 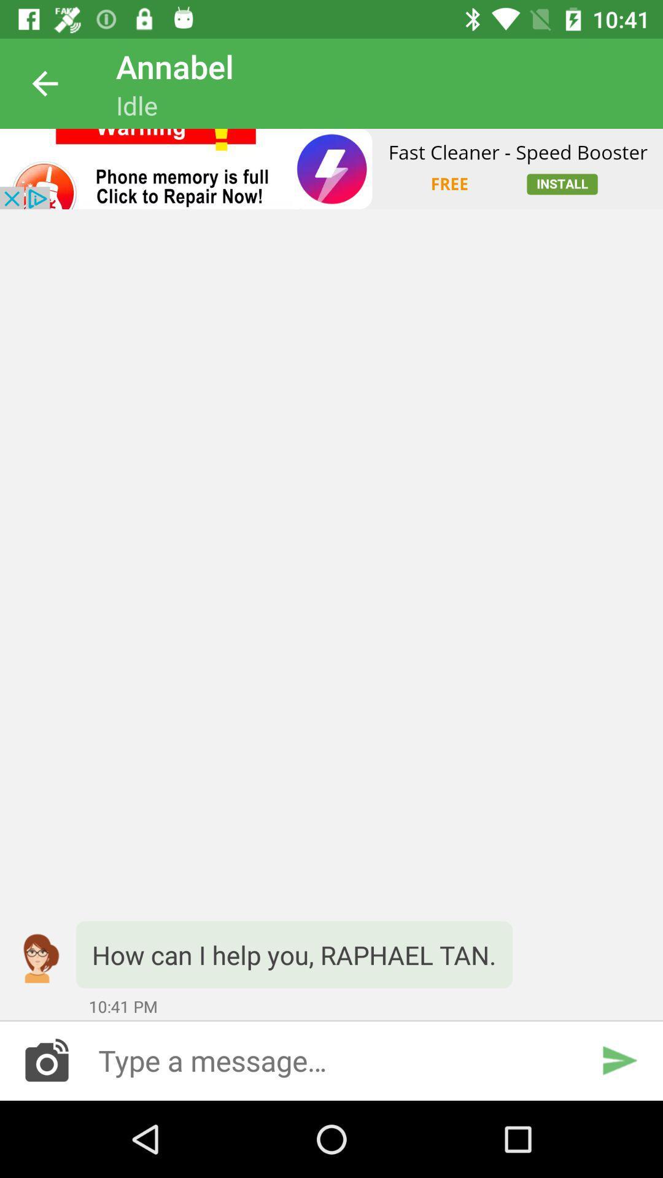 What do you see at coordinates (46, 1060) in the screenshot?
I see `to take photo` at bounding box center [46, 1060].